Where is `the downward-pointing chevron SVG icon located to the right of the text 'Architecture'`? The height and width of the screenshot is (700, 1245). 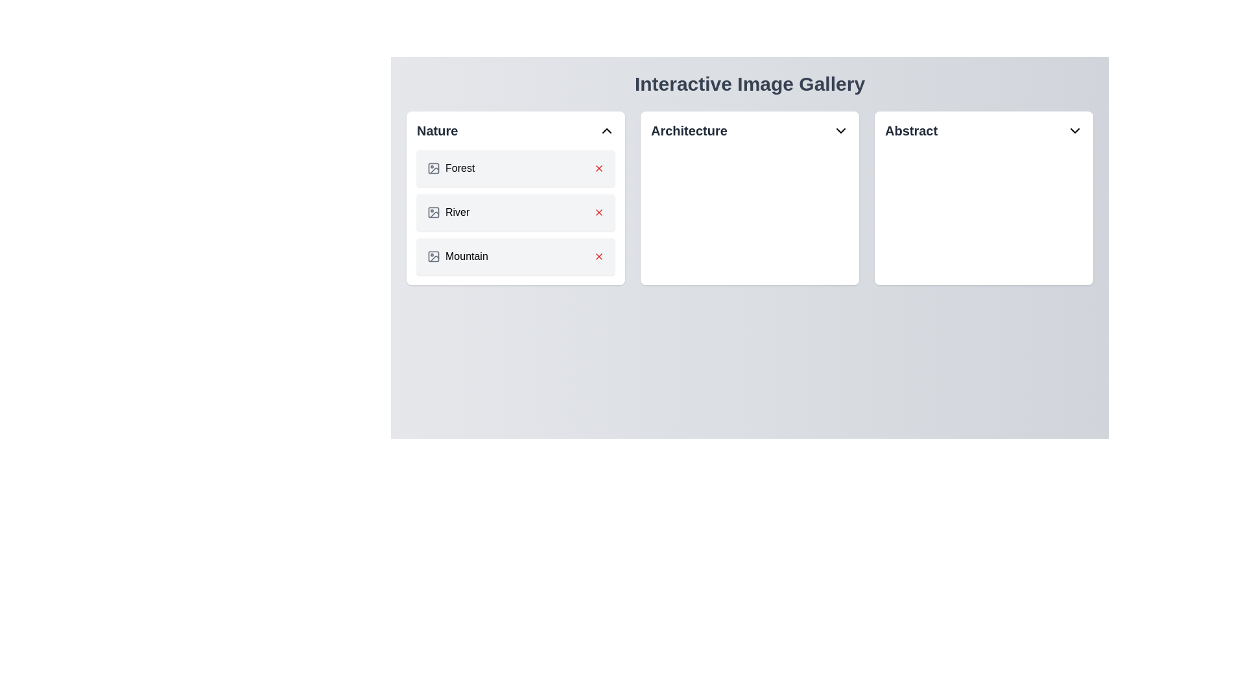 the downward-pointing chevron SVG icon located to the right of the text 'Architecture' is located at coordinates (840, 130).